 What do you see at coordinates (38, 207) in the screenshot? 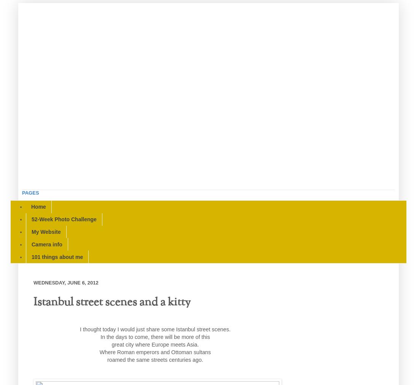
I see `'Home'` at bounding box center [38, 207].